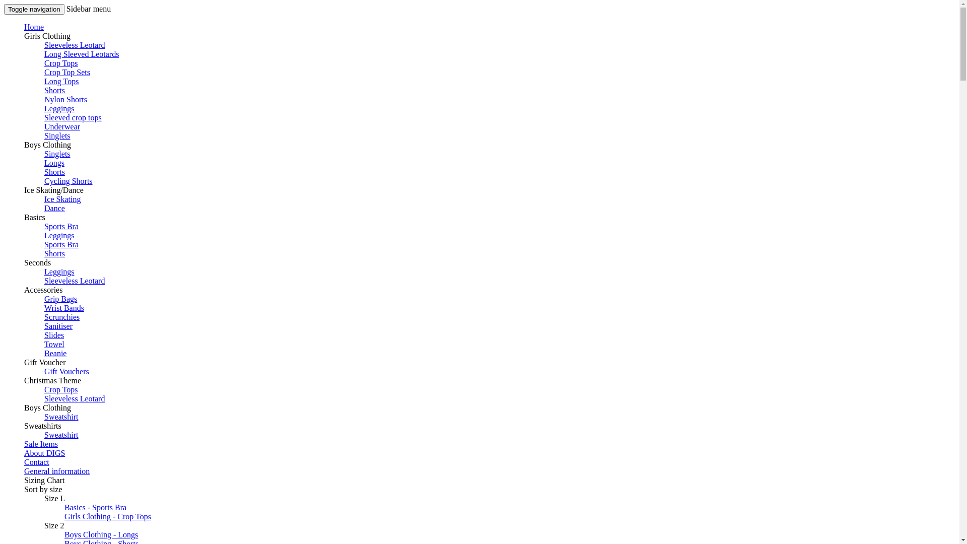 This screenshot has width=967, height=544. What do you see at coordinates (74, 281) in the screenshot?
I see `'Sleeveless Leotard'` at bounding box center [74, 281].